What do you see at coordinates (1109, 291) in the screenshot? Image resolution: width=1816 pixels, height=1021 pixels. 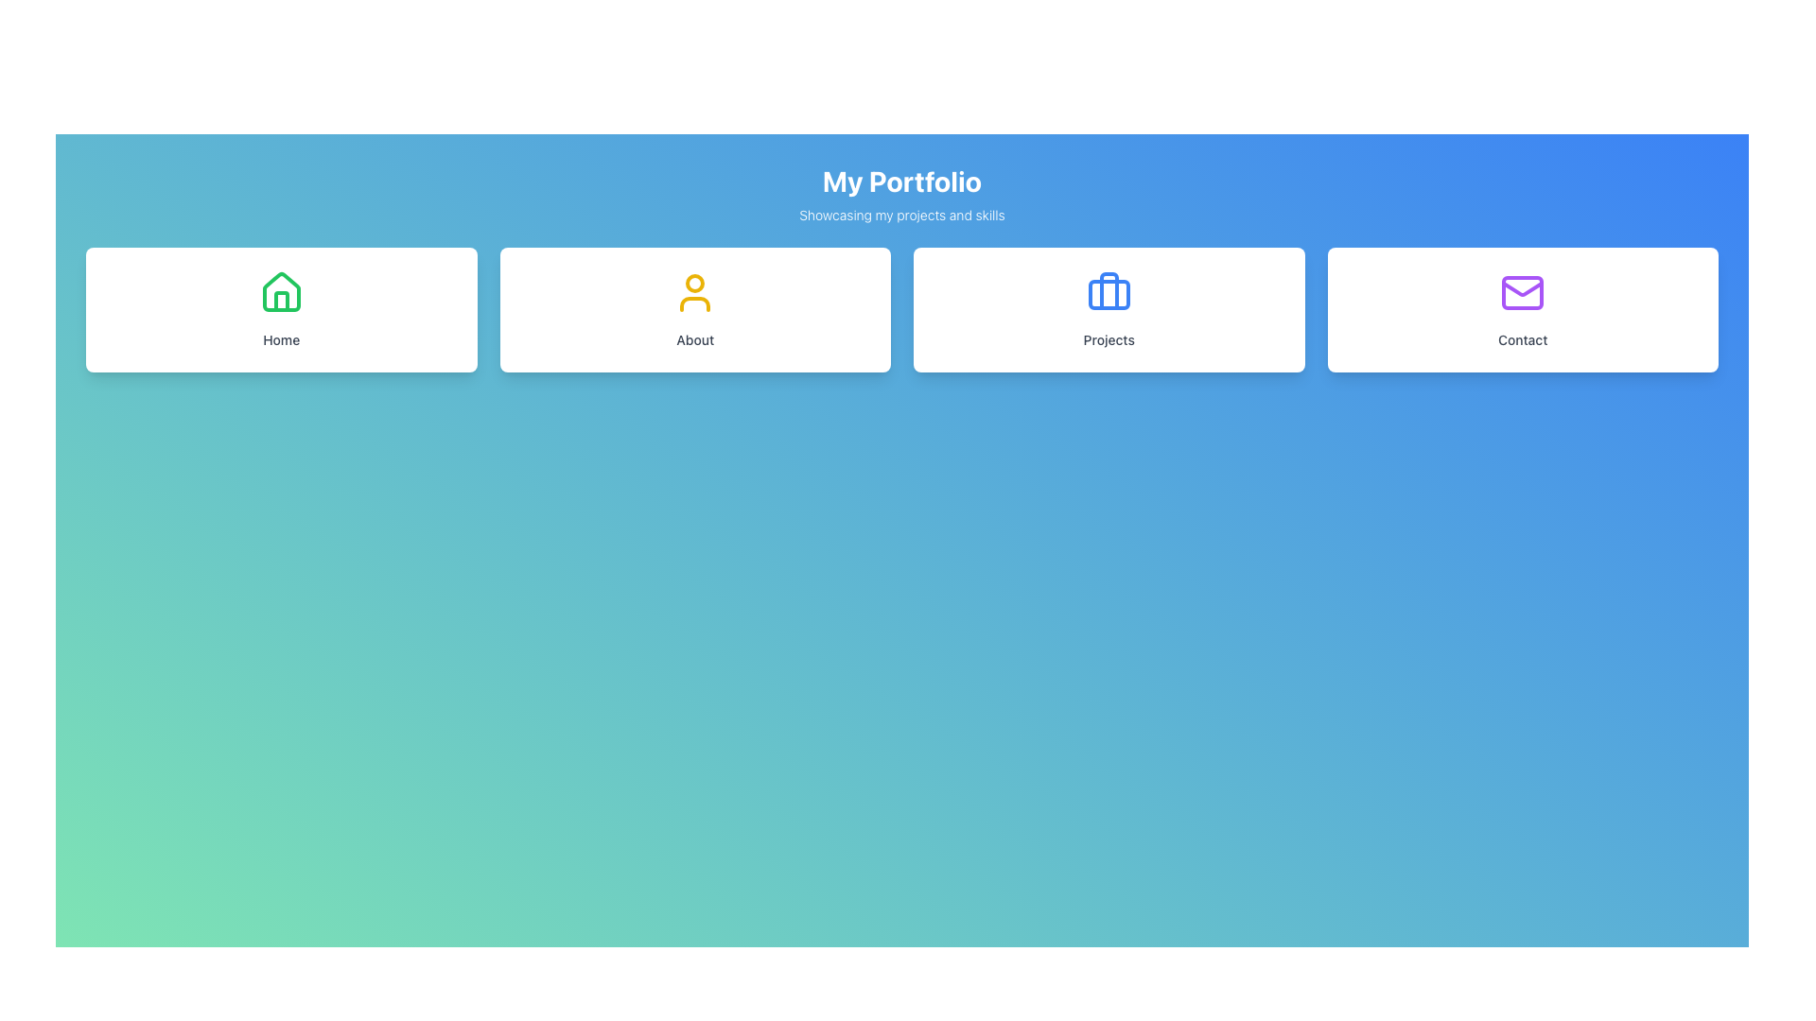 I see `the briefcase icon representing the 'Projects' category, located in the center of the third option from the left in the main interface row` at bounding box center [1109, 291].